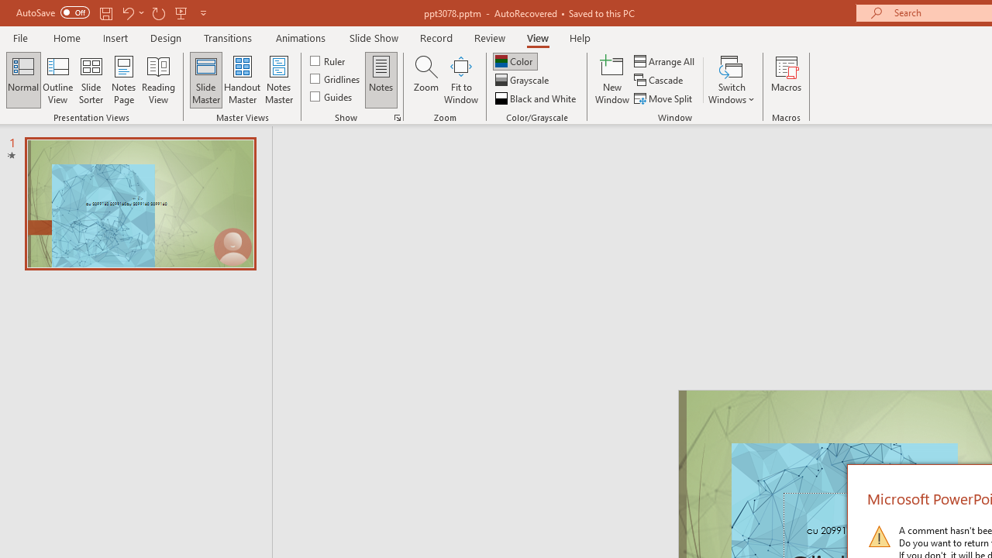  Describe the element at coordinates (205, 80) in the screenshot. I see `'Slide Master'` at that location.